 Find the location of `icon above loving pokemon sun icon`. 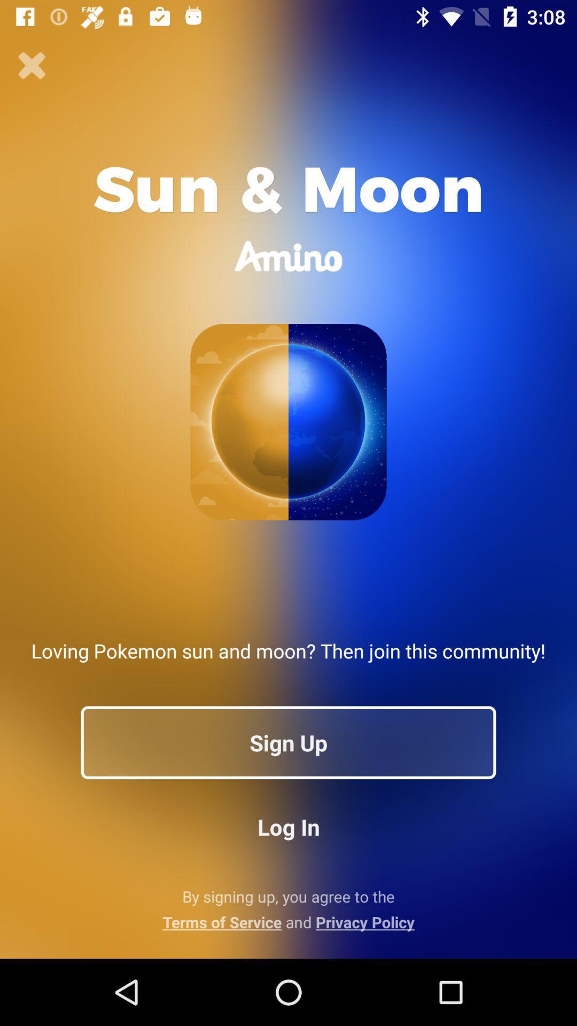

icon above loving pokemon sun icon is located at coordinates (32, 65).